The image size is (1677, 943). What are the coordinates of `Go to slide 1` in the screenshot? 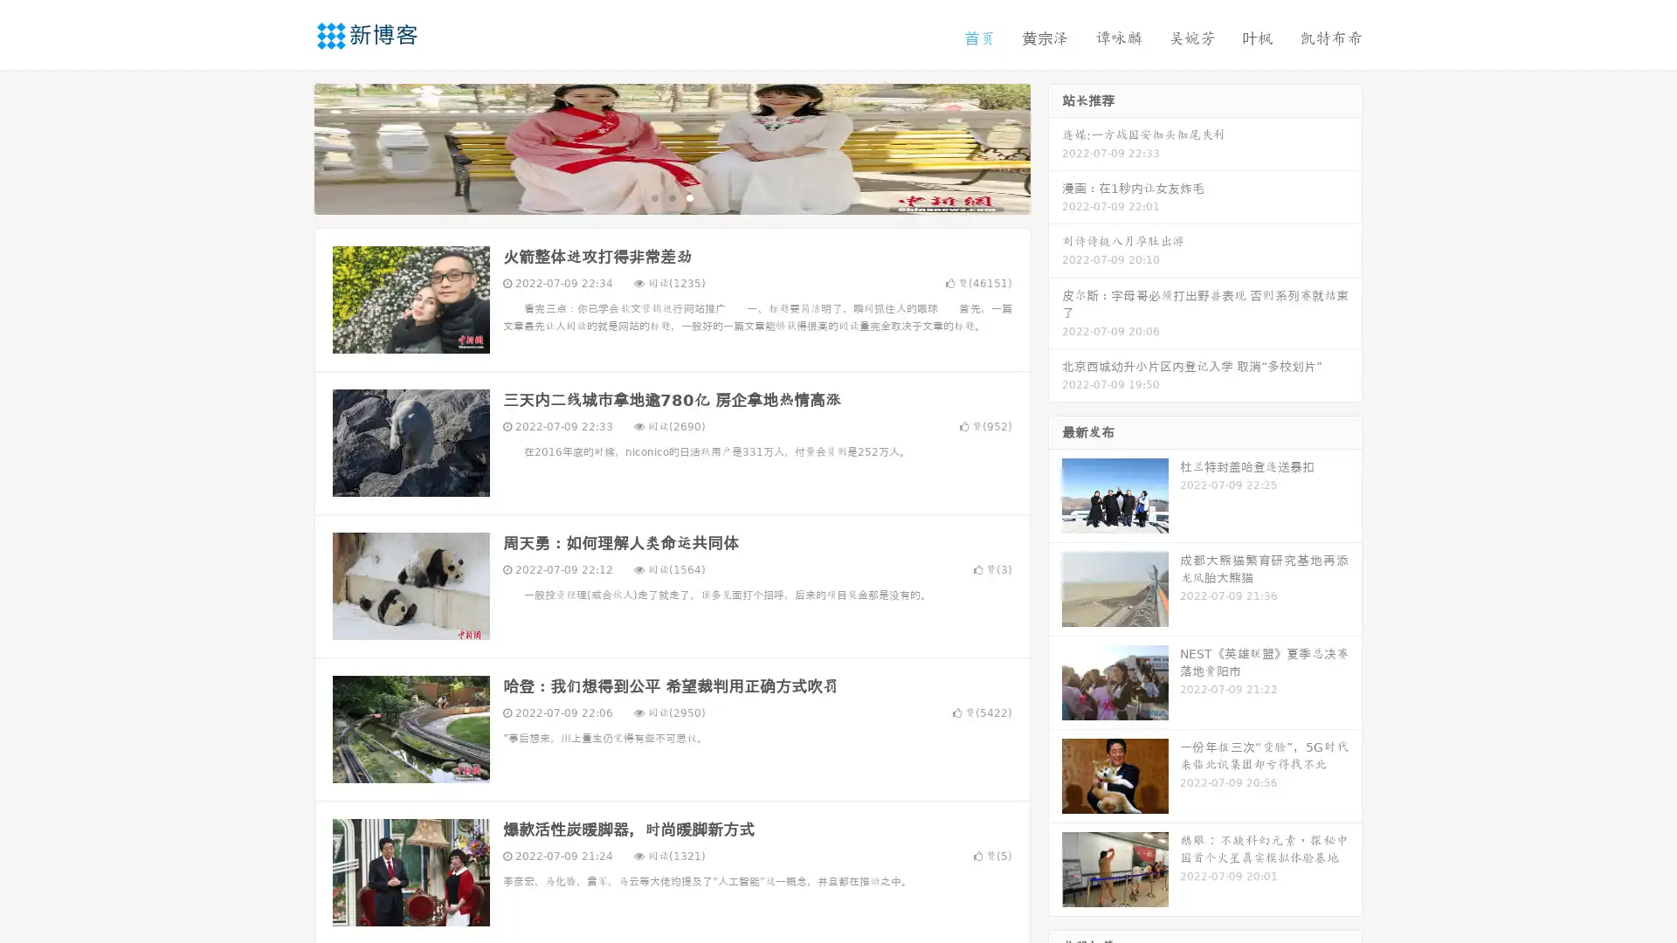 It's located at (653, 196).